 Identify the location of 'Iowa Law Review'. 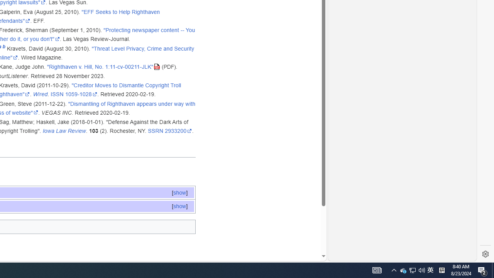
(64, 131).